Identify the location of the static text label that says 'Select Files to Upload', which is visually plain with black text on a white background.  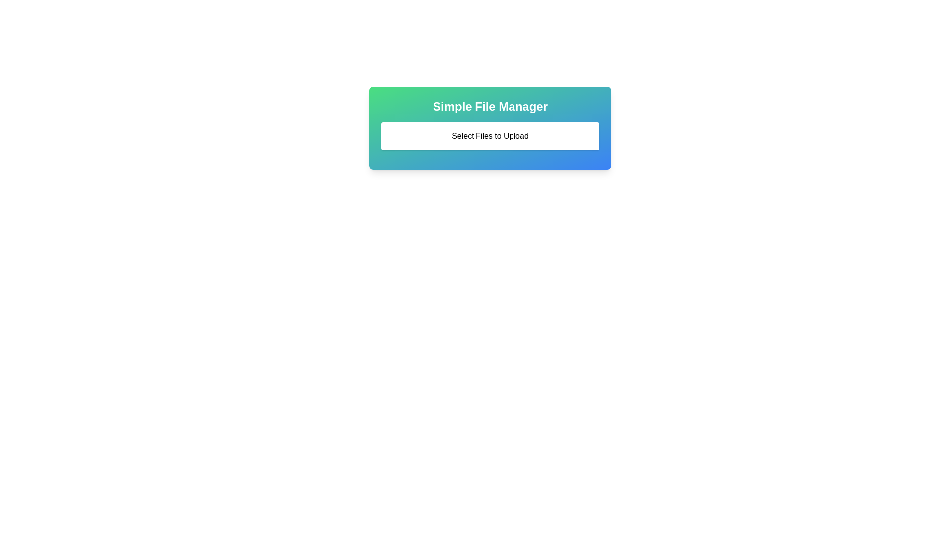
(490, 136).